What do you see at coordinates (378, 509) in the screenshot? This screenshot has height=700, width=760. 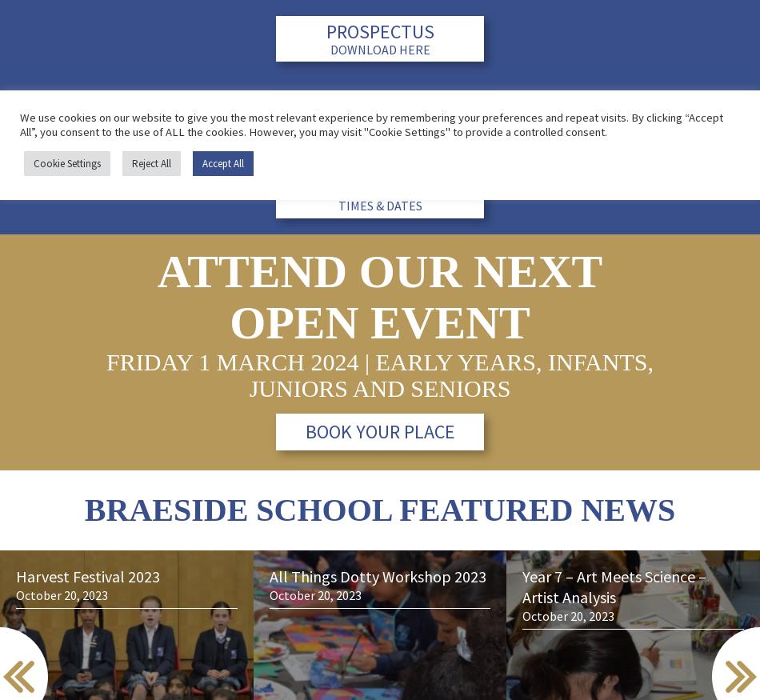 I see `'Braeside School Featured News'` at bounding box center [378, 509].